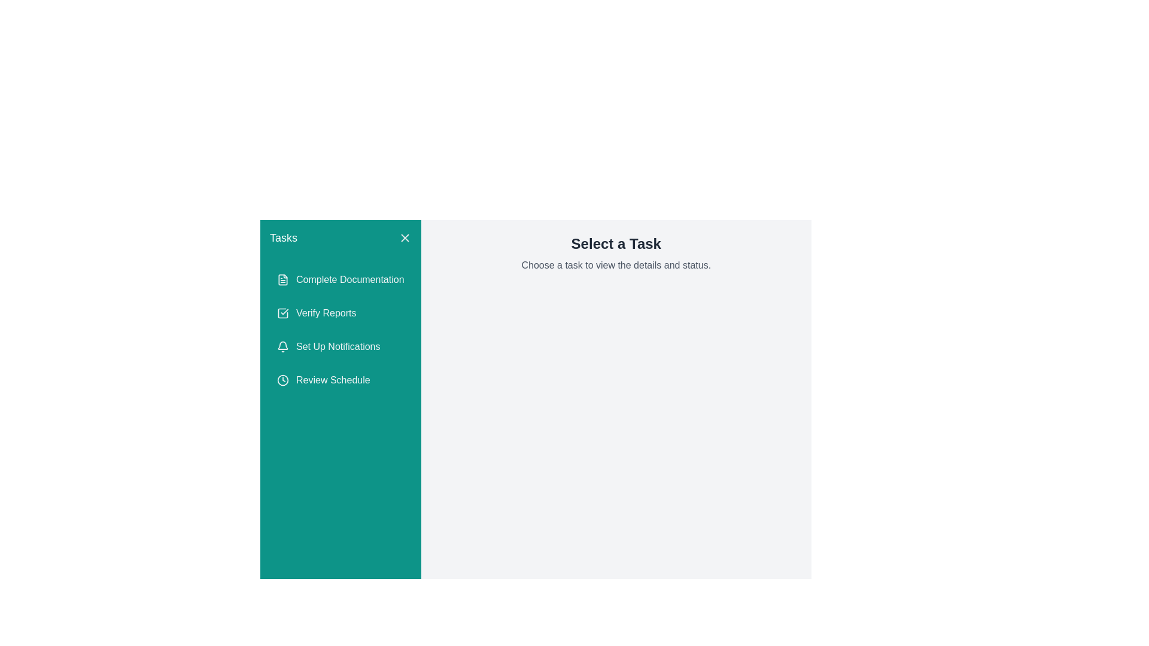  What do you see at coordinates (616, 264) in the screenshot?
I see `the static text informational label that displays the phrase 'Choose a task` at bounding box center [616, 264].